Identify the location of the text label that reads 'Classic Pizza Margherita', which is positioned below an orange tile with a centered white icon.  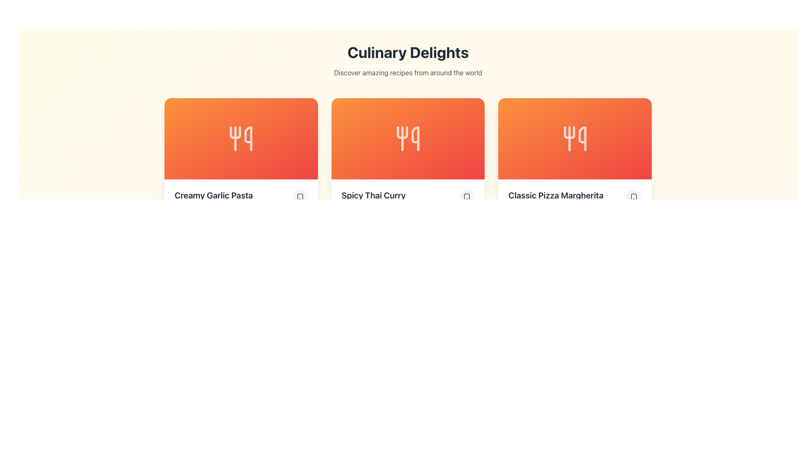
(556, 195).